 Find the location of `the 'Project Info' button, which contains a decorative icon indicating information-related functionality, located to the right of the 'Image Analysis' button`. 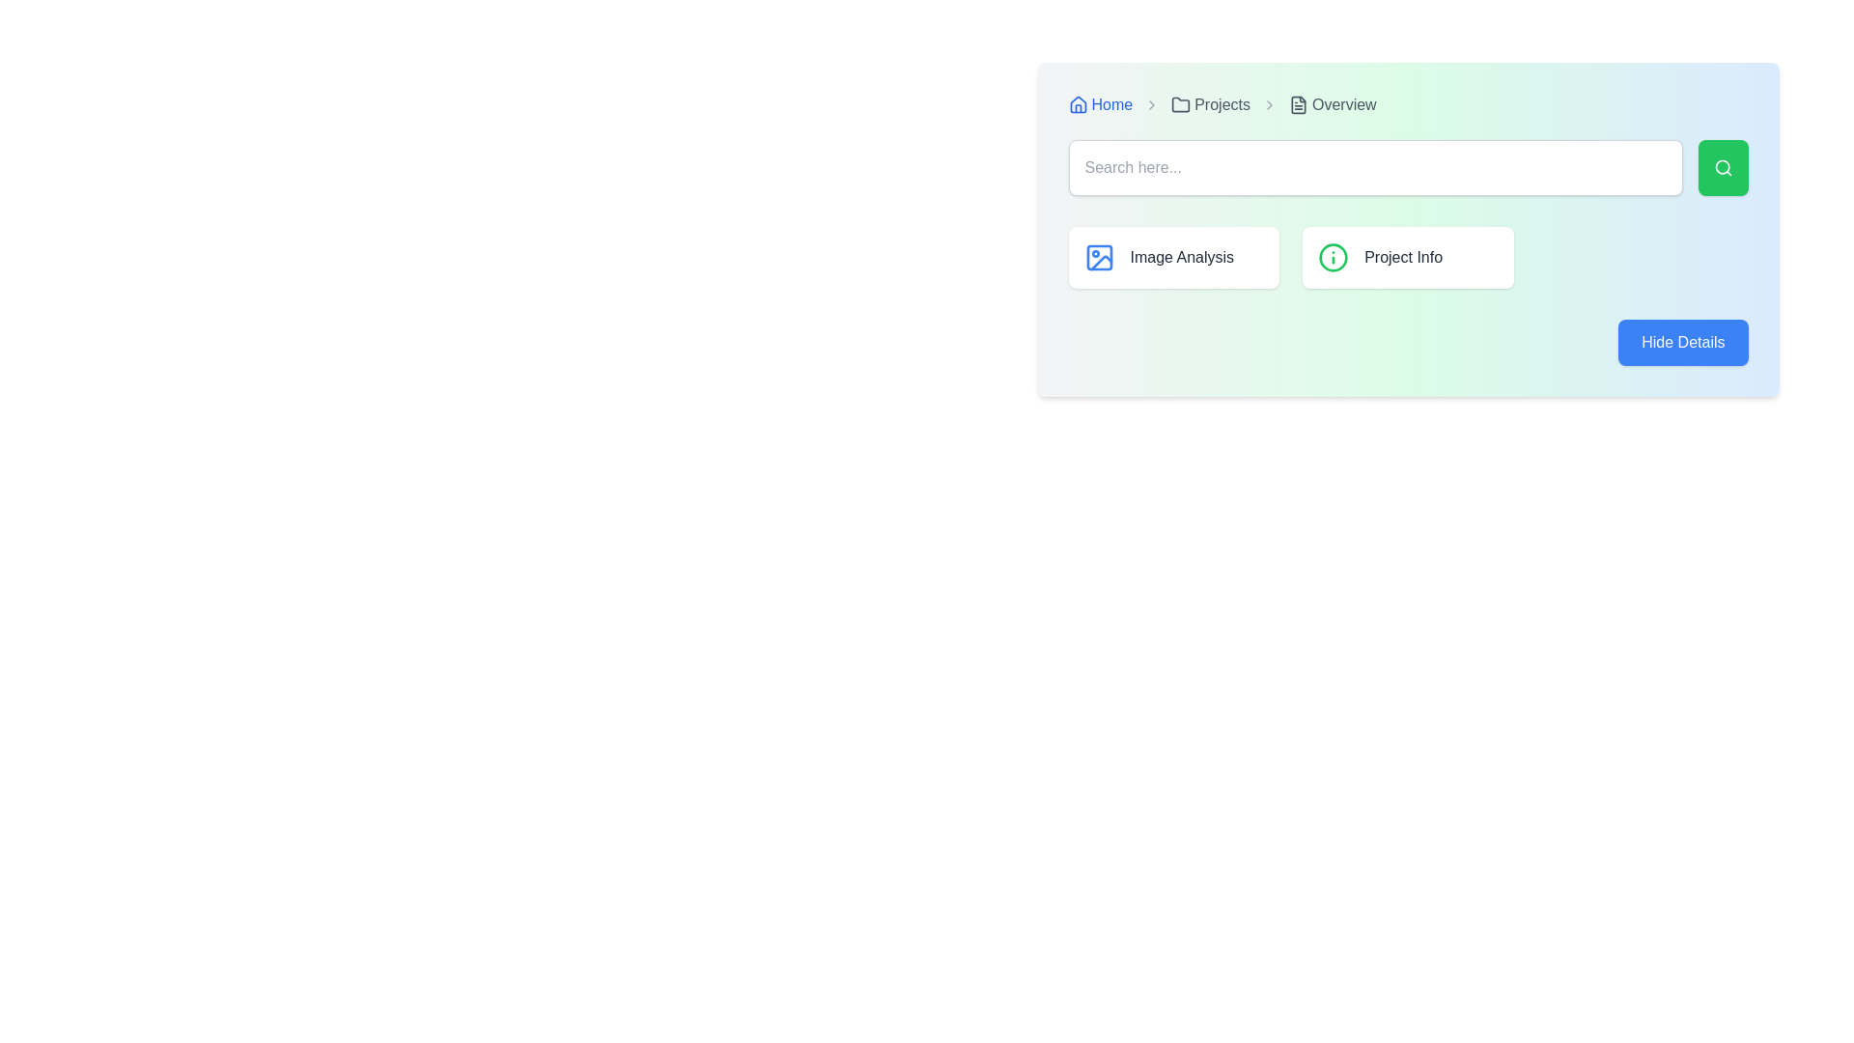

the 'Project Info' button, which contains a decorative icon indicating information-related functionality, located to the right of the 'Image Analysis' button is located at coordinates (1333, 256).